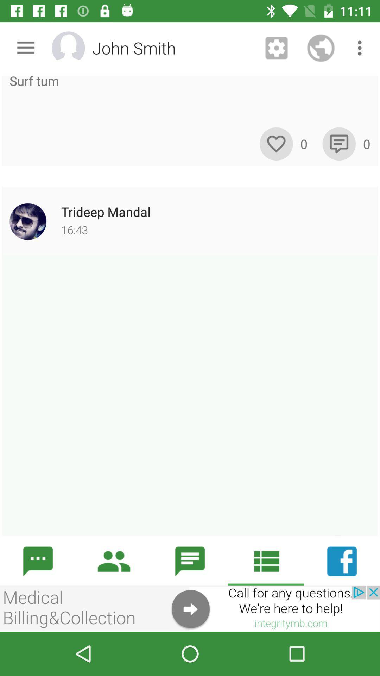  Describe the element at coordinates (190, 395) in the screenshot. I see `typing page` at that location.